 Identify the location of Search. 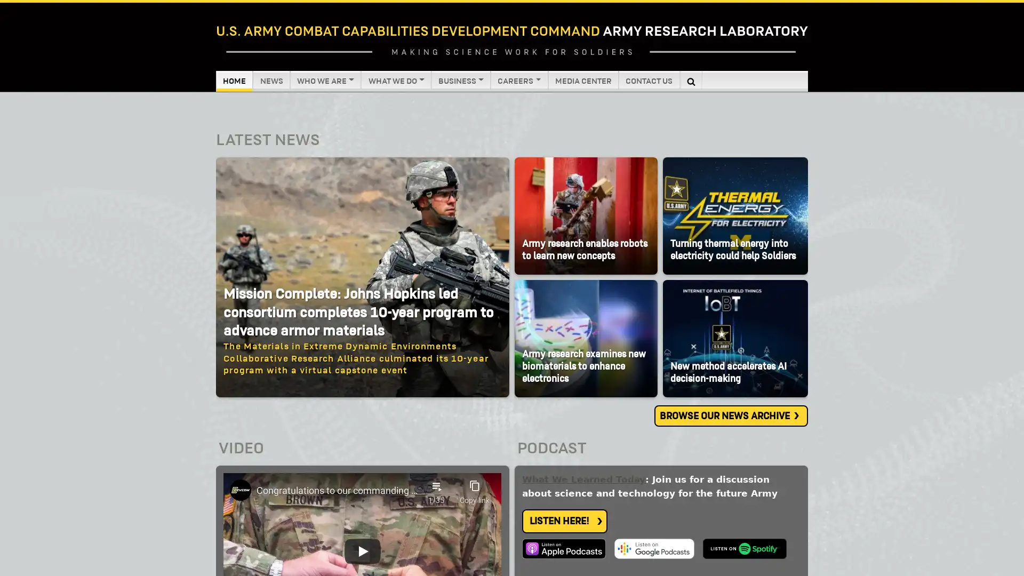
(691, 81).